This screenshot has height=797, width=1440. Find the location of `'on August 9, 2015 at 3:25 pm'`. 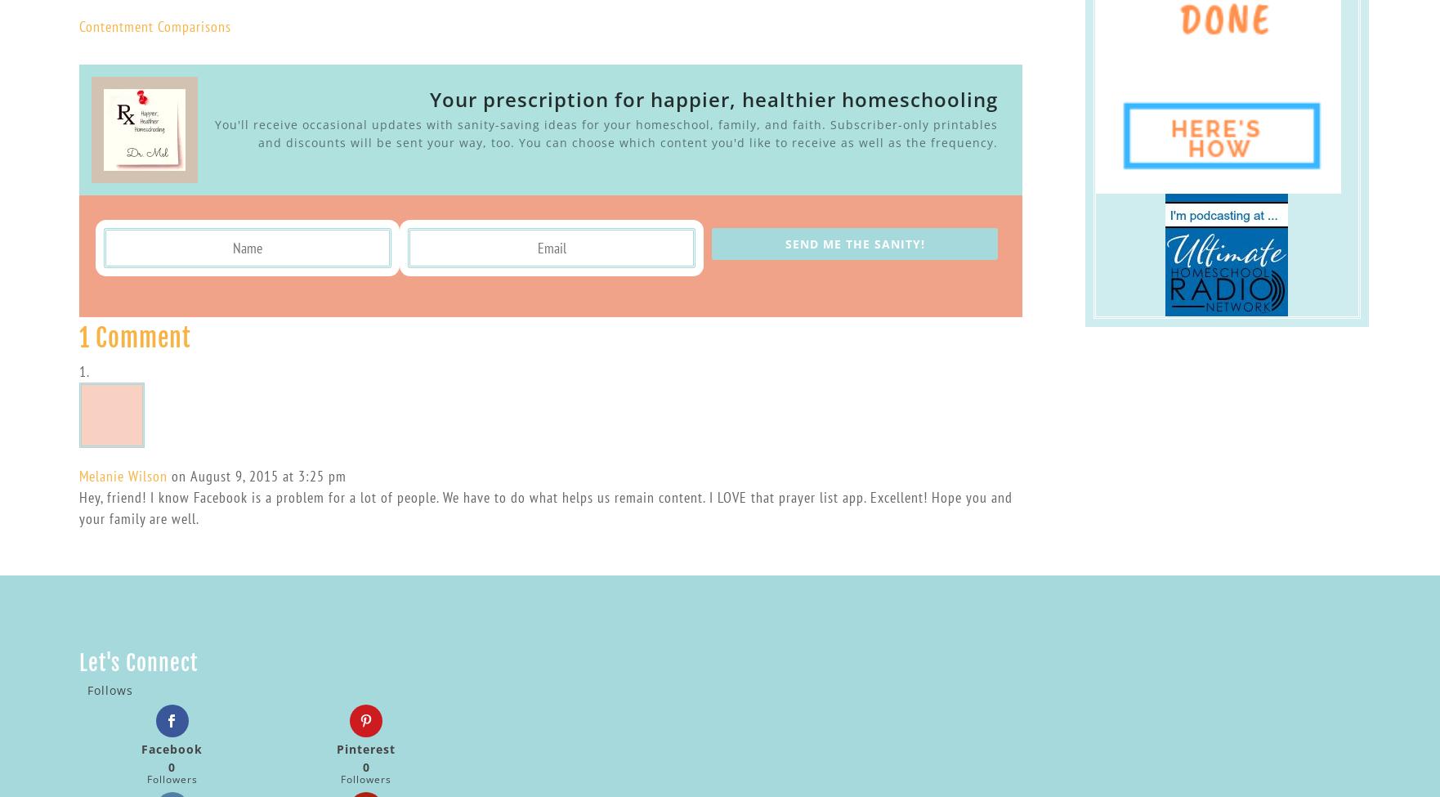

'on August 9, 2015 at 3:25 pm' is located at coordinates (257, 474).